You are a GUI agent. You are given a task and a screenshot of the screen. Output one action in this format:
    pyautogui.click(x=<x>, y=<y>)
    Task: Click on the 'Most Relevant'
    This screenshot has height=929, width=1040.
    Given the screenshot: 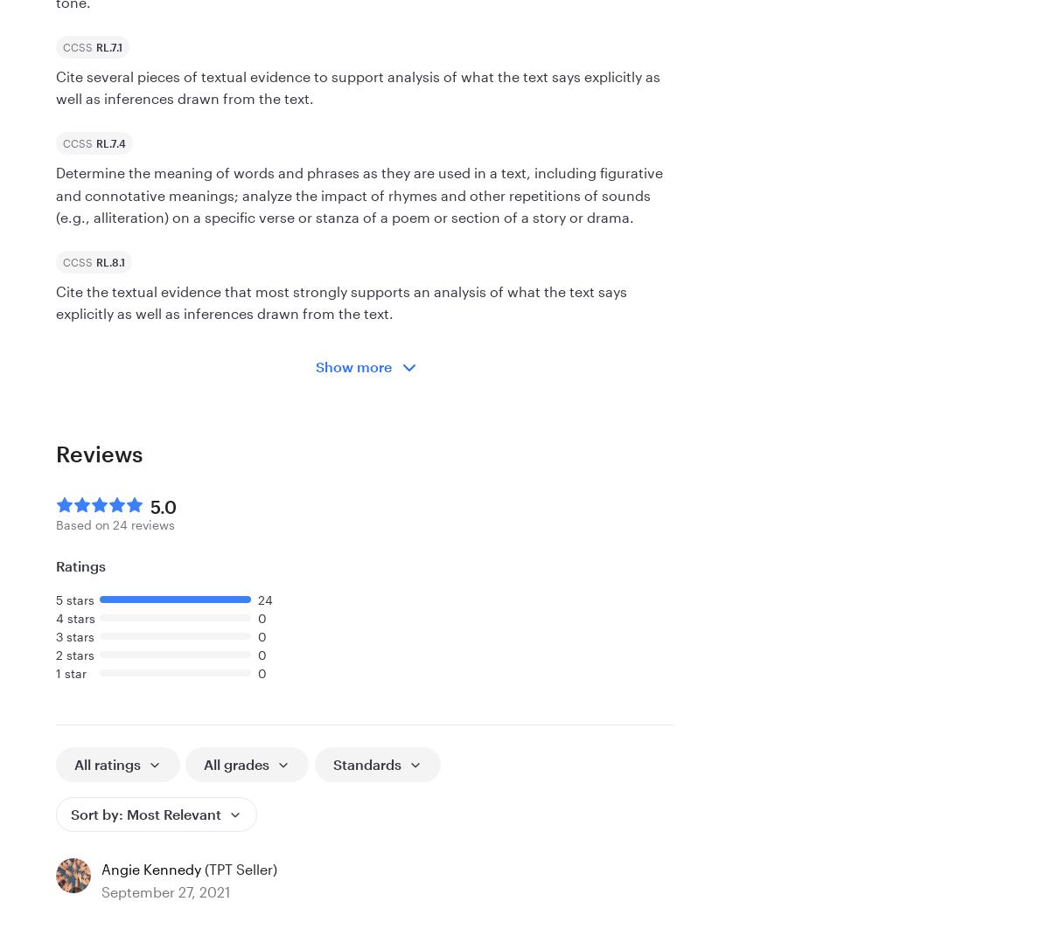 What is the action you would take?
    pyautogui.click(x=173, y=813)
    